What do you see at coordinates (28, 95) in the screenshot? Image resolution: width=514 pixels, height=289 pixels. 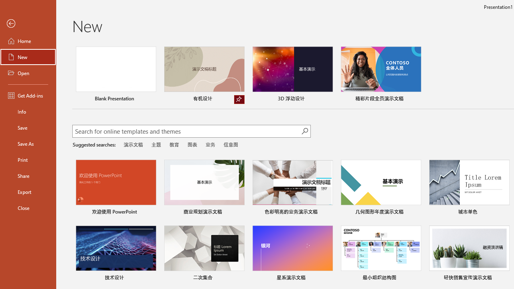 I see `'Get Add-ins'` at bounding box center [28, 95].